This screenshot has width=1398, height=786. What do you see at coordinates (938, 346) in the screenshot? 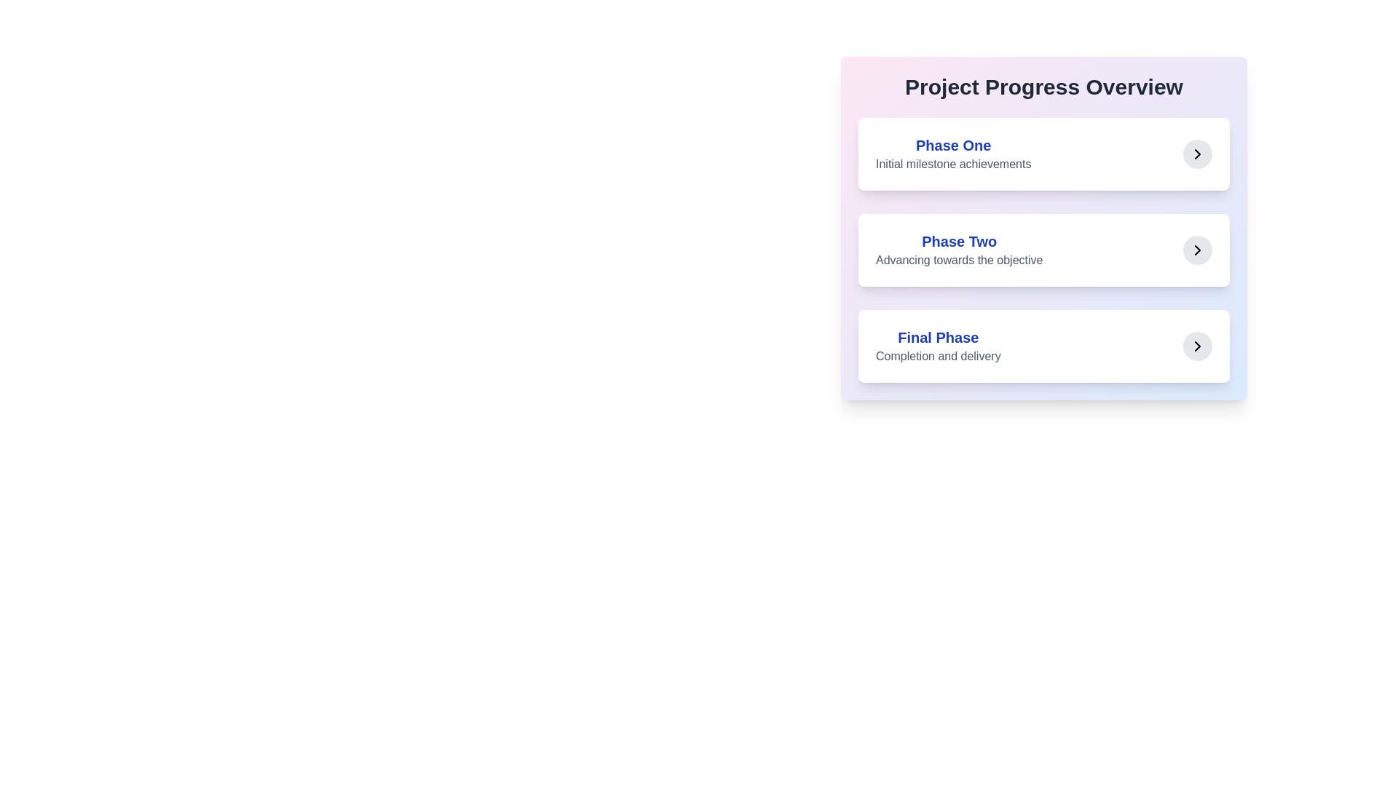
I see `text label indicating the 'Final Phase' in the project timeline located at the bottom of the 'Project Progress Overview' list` at bounding box center [938, 346].